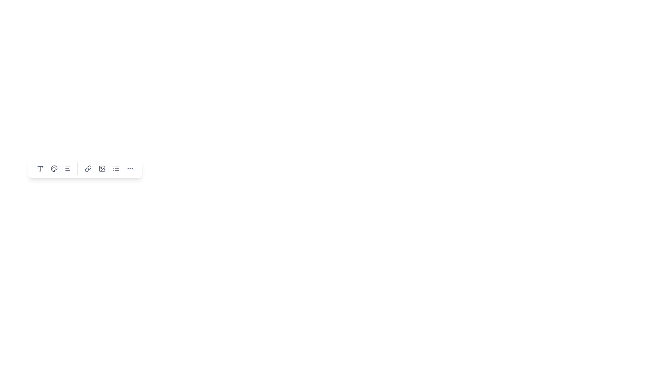  What do you see at coordinates (102, 169) in the screenshot?
I see `the icon representing an image-related action` at bounding box center [102, 169].